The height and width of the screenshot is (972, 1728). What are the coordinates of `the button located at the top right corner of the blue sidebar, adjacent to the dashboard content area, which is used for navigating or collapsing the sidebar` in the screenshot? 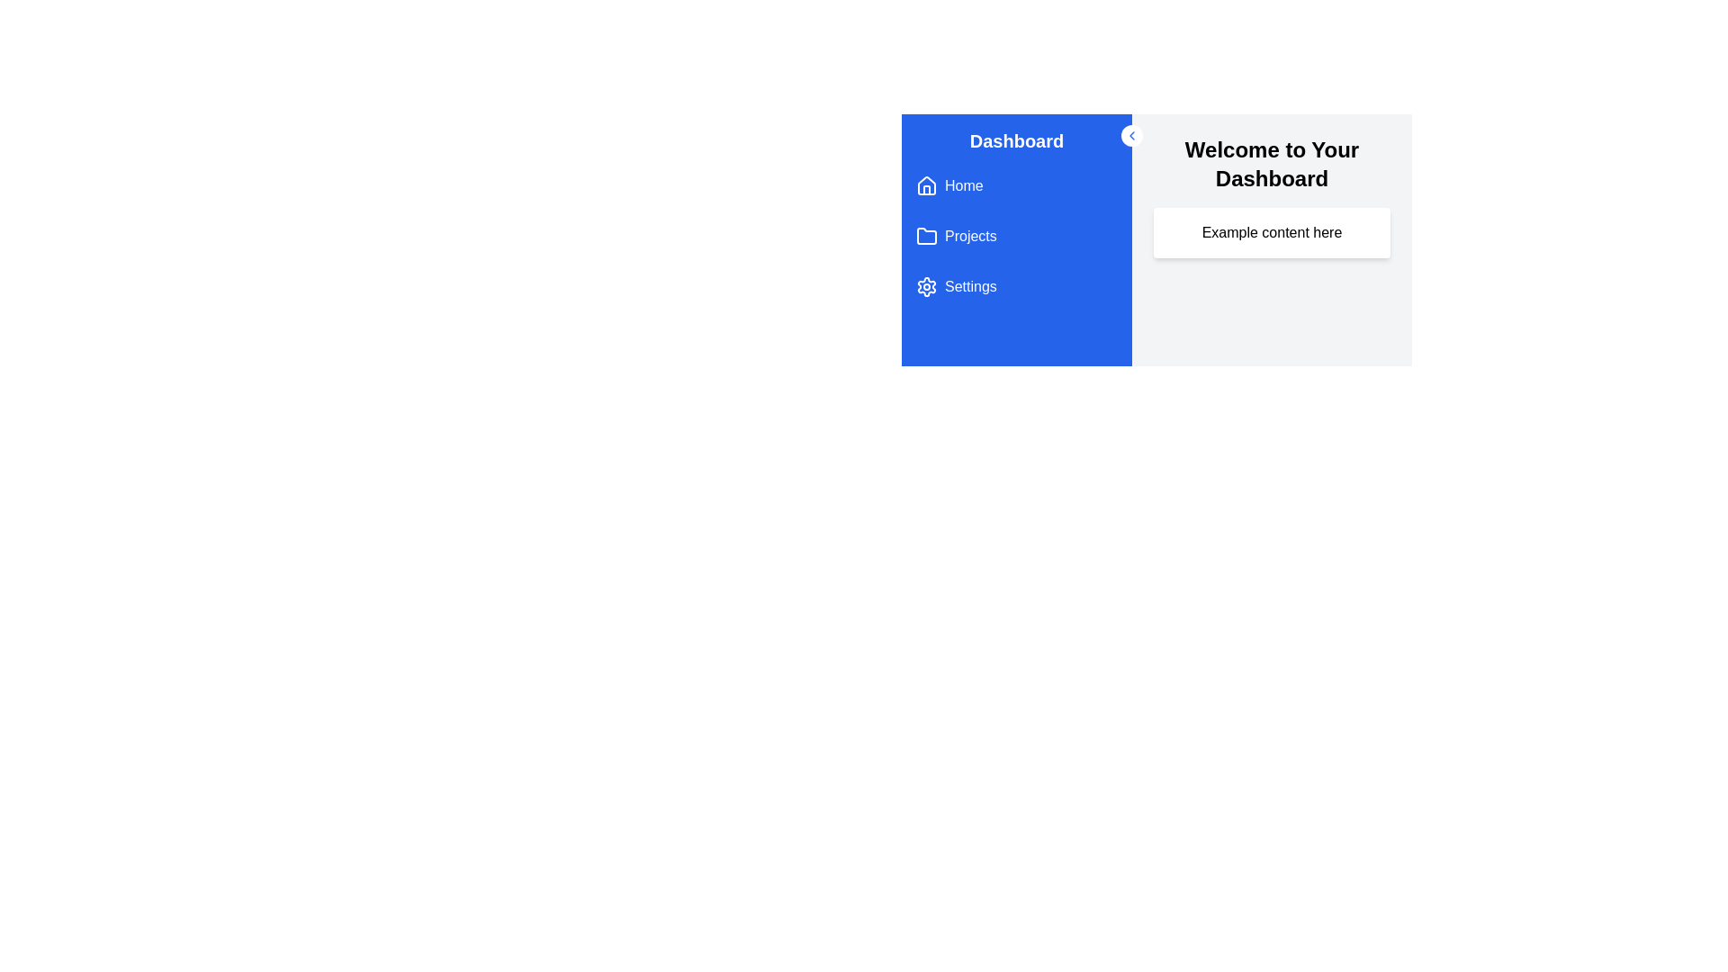 It's located at (1130, 134).